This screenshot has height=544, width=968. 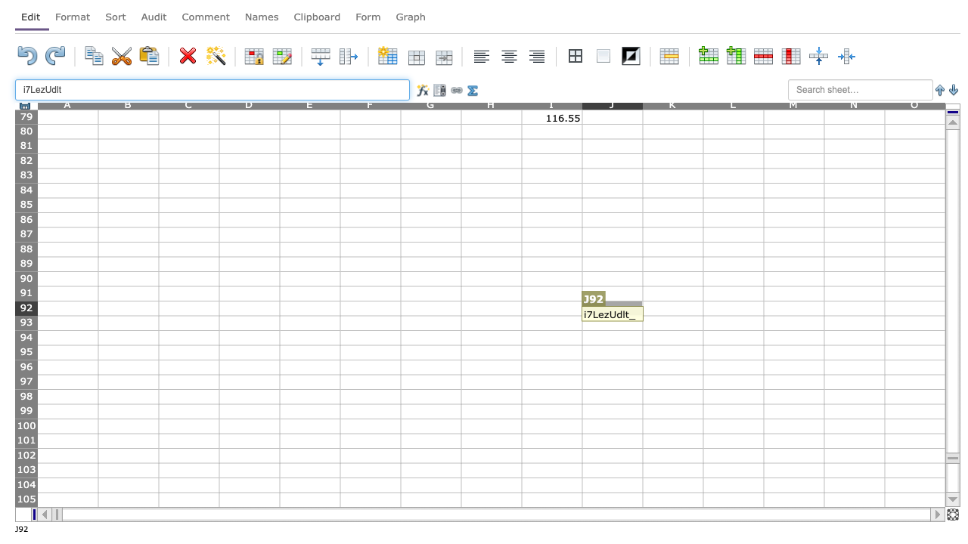 I want to click on Cell L-105, so click(x=733, y=499).